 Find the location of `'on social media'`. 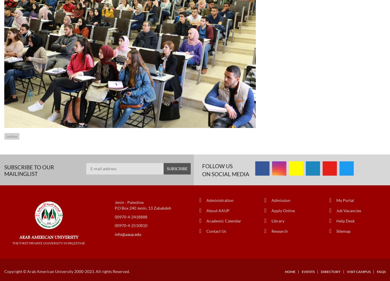

'on social media' is located at coordinates (226, 173).